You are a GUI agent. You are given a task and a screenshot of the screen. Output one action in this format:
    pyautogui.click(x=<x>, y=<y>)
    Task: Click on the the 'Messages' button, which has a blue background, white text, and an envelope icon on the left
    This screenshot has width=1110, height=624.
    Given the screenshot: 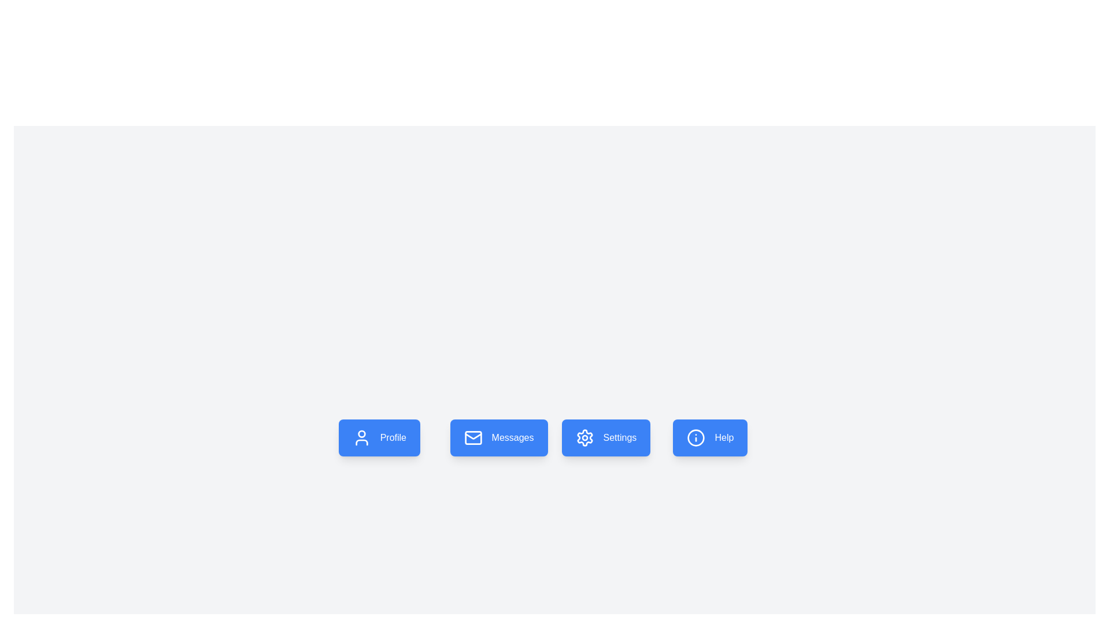 What is the action you would take?
    pyautogui.click(x=499, y=438)
    